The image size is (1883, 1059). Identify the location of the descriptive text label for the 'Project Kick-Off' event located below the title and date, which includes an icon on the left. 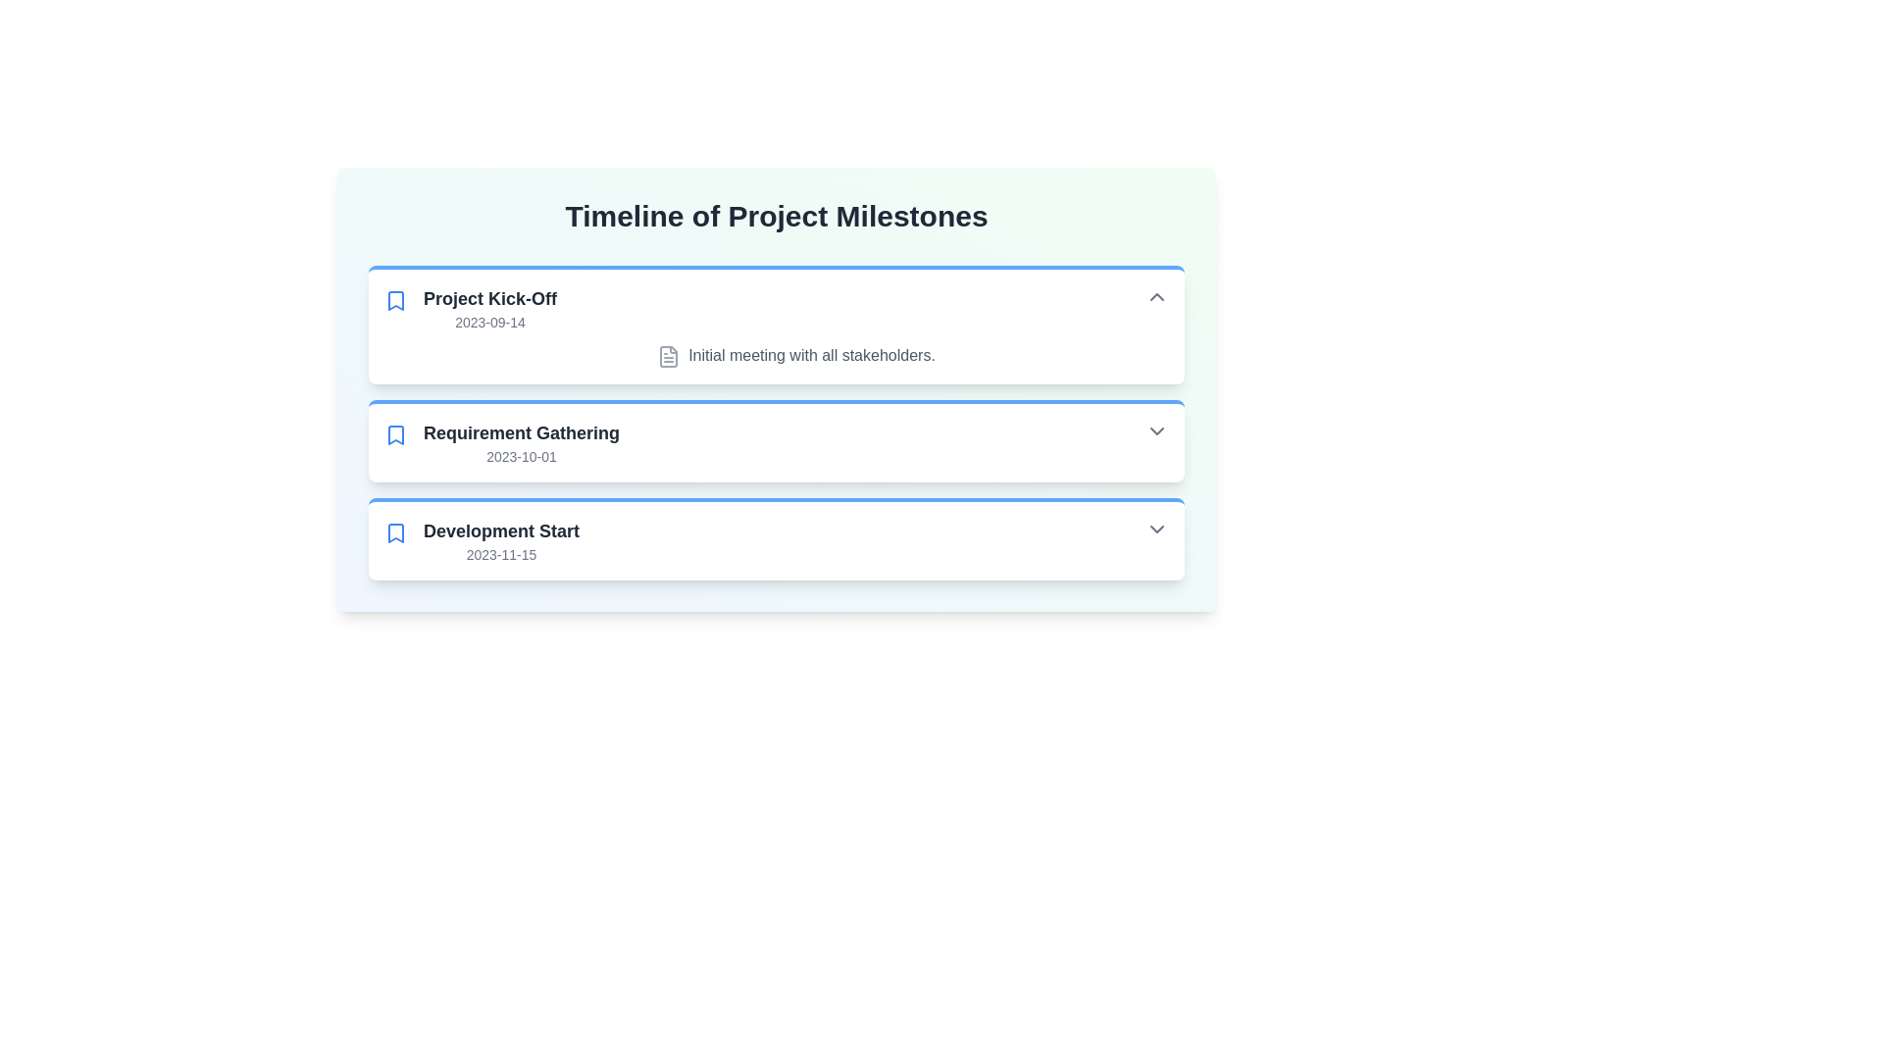
(795, 355).